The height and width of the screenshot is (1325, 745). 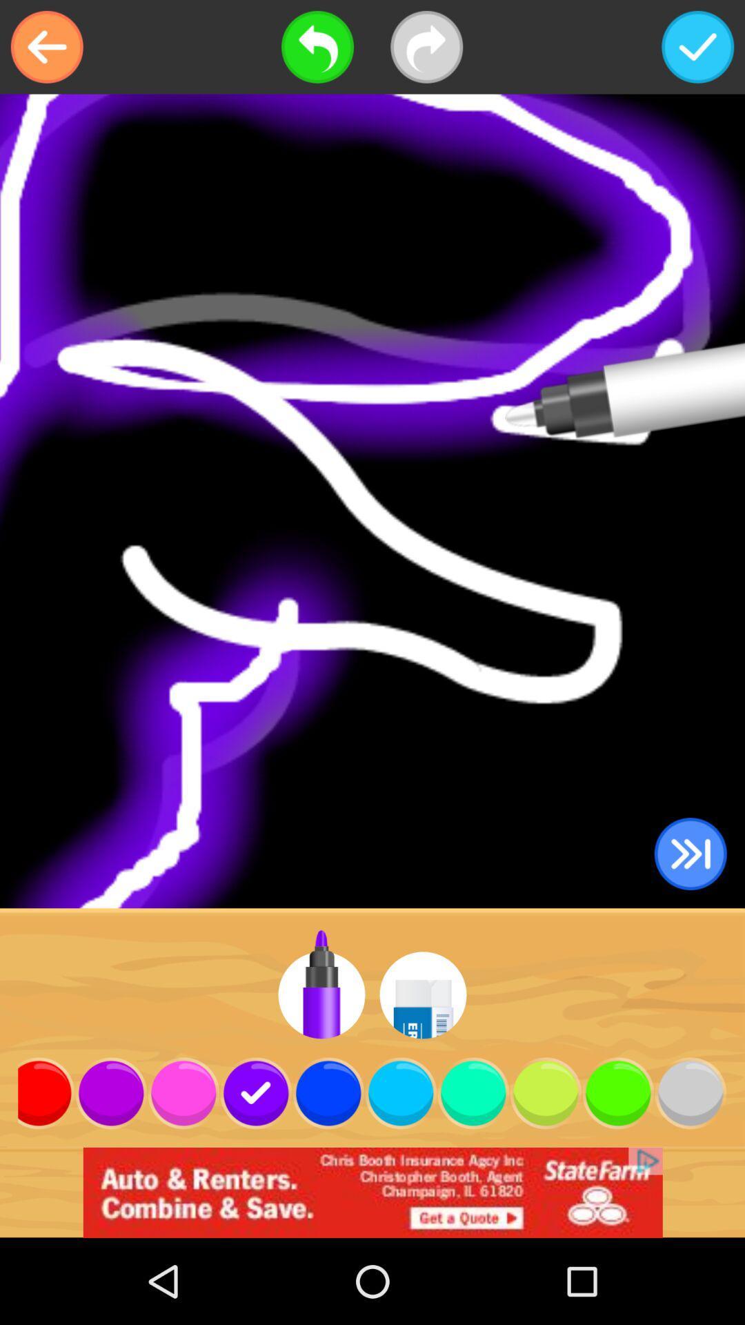 I want to click on next button, so click(x=426, y=47).